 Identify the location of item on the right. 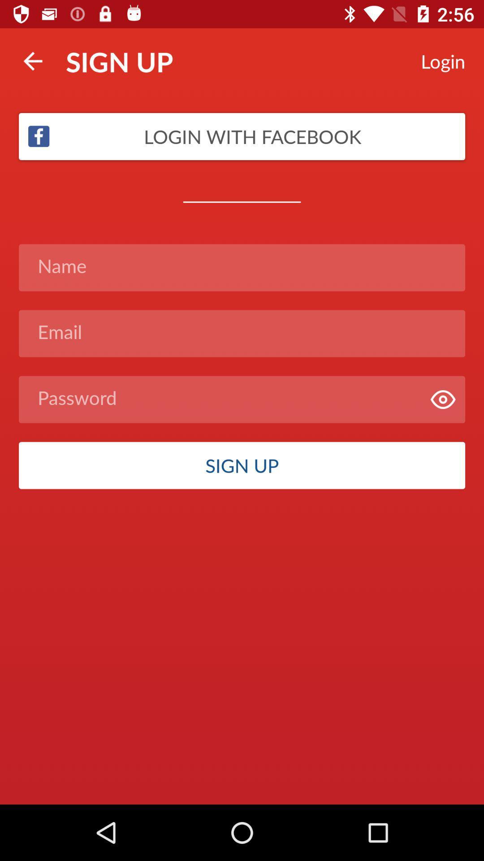
(442, 399).